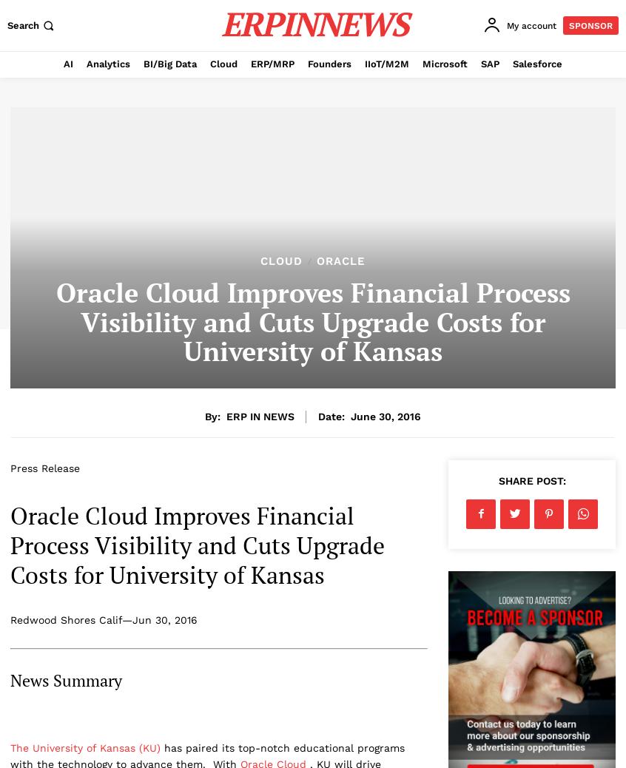 The height and width of the screenshot is (768, 626). Describe the element at coordinates (331, 416) in the screenshot. I see `'Date:'` at that location.